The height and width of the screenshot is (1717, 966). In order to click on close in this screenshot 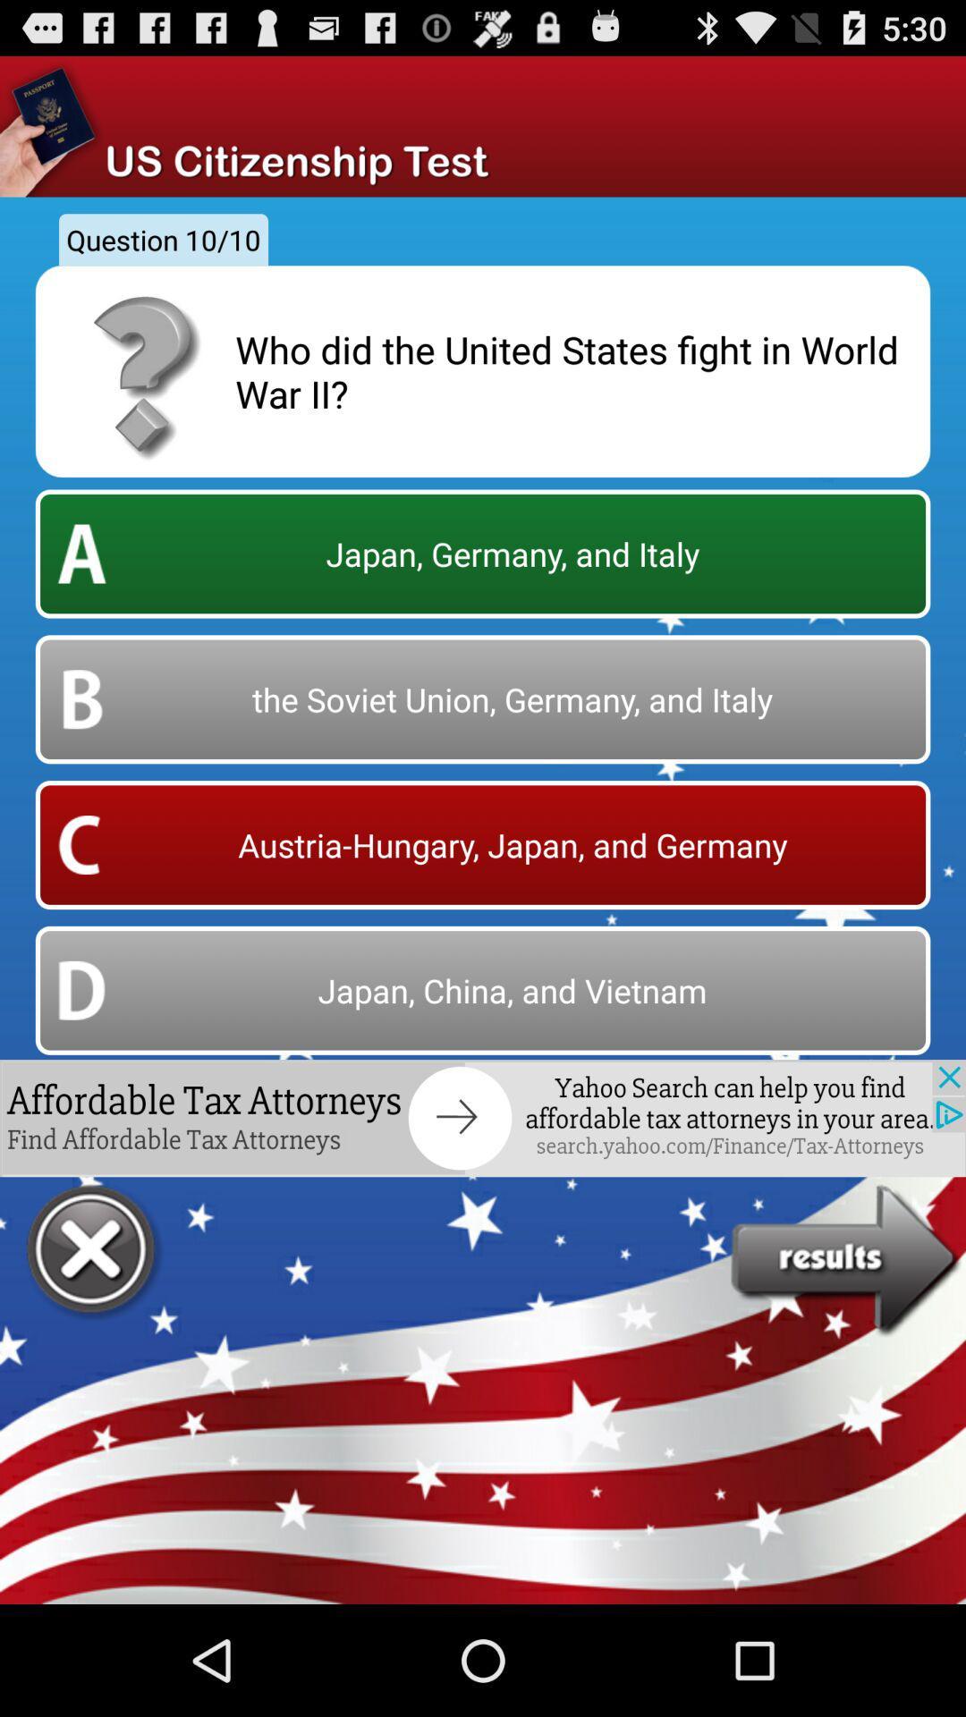, I will do `click(93, 1251)`.